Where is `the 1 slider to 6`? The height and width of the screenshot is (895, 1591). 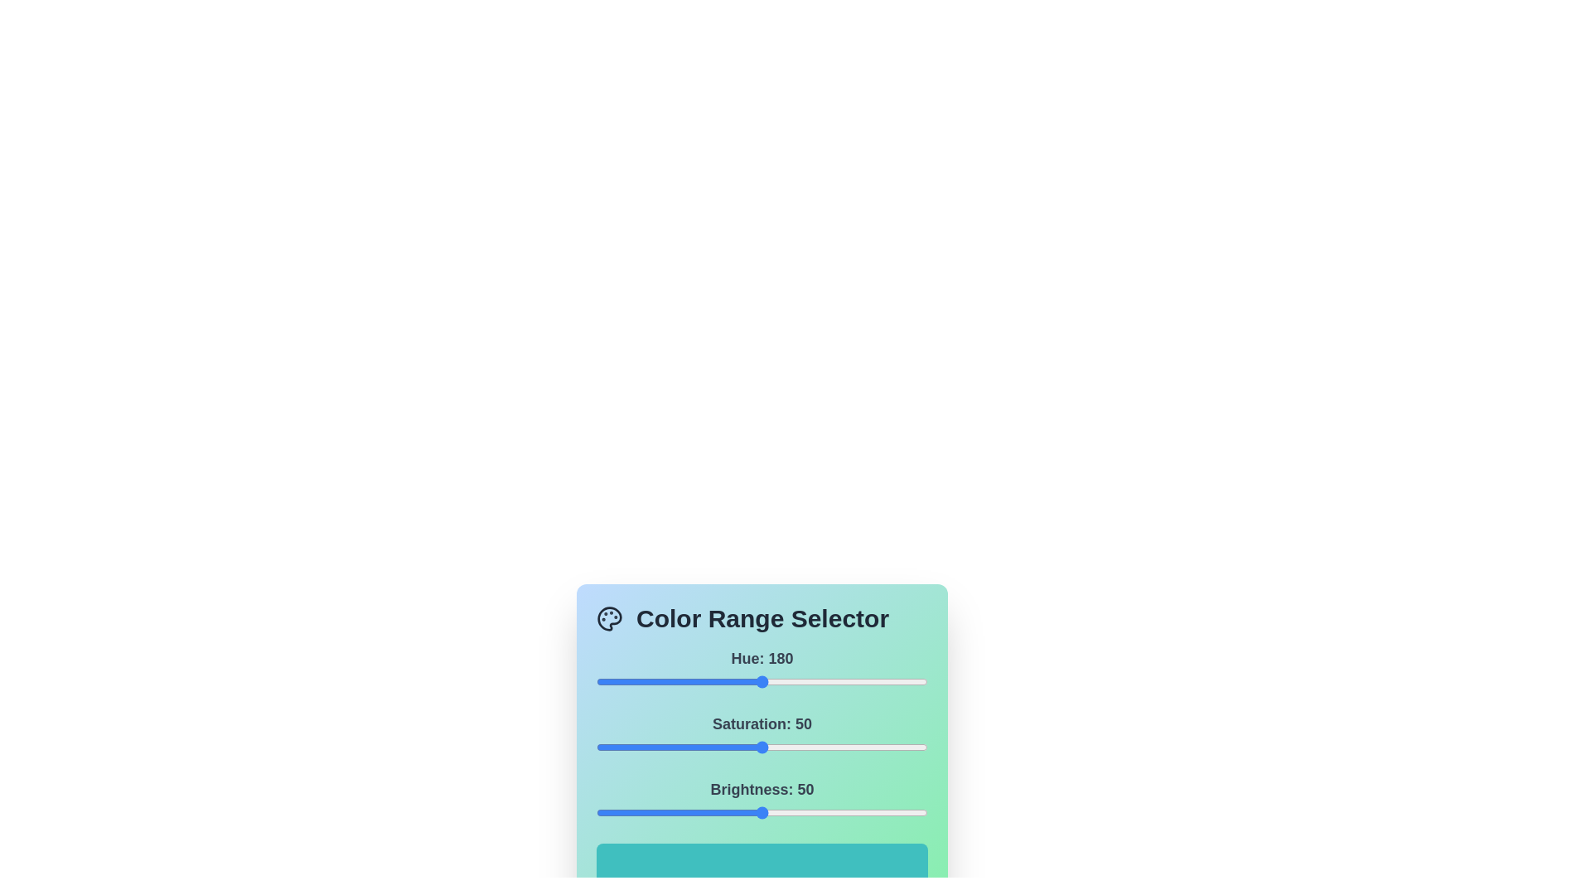 the 1 slider to 6 is located at coordinates (616, 747).